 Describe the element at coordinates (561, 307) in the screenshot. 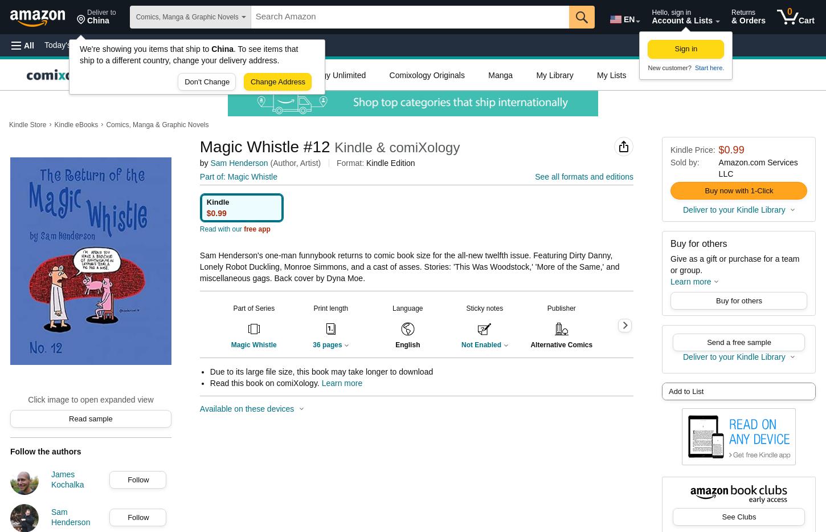

I see `'Publisher'` at that location.